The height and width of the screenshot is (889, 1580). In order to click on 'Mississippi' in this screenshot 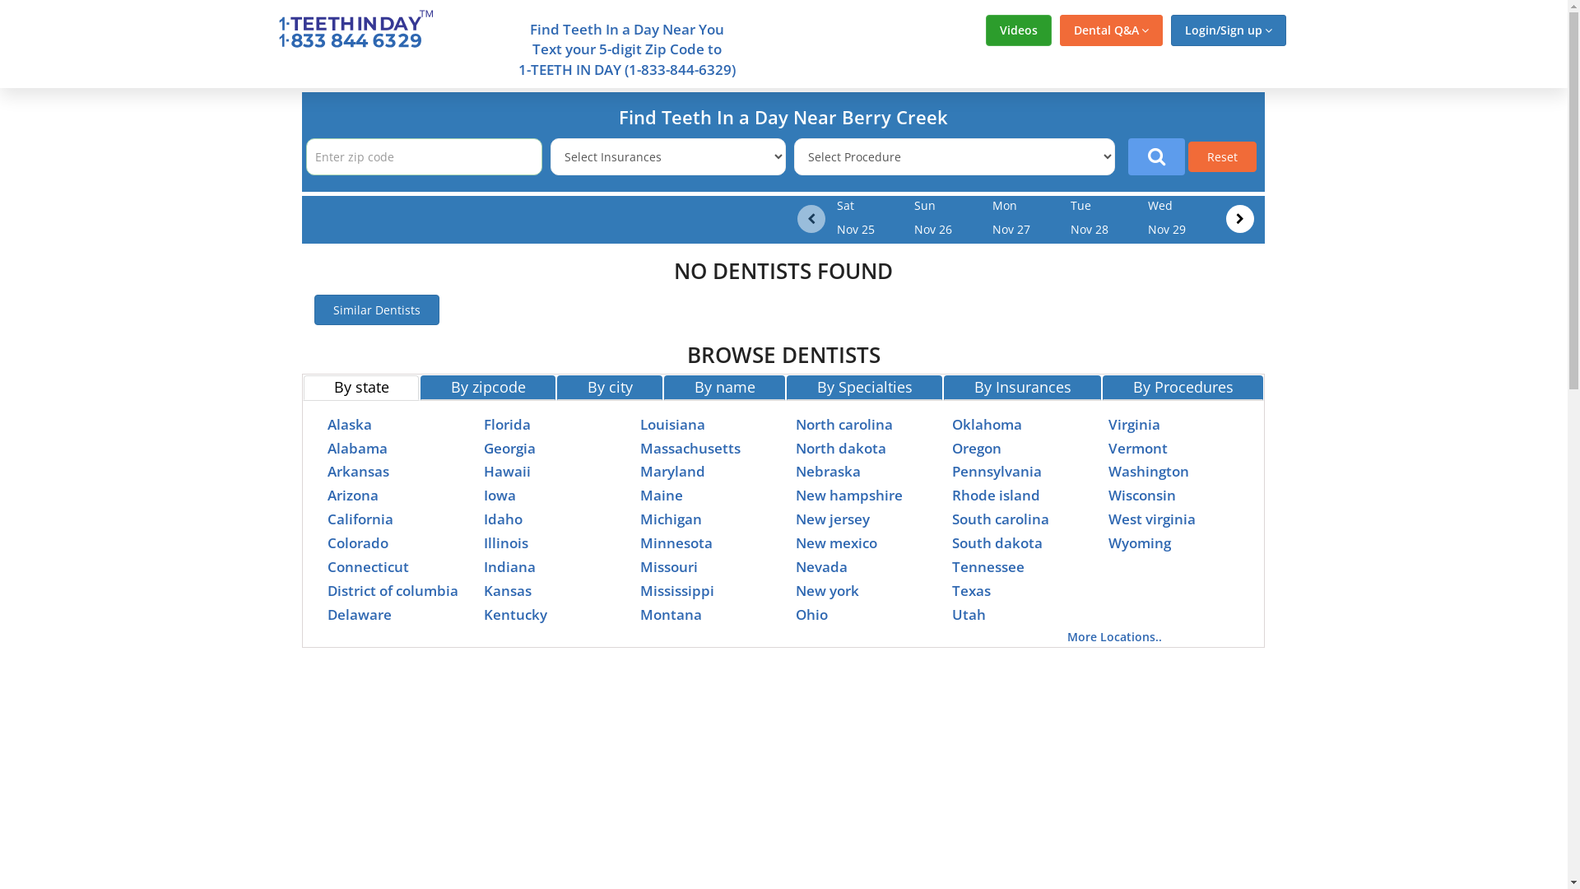, I will do `click(676, 589)`.